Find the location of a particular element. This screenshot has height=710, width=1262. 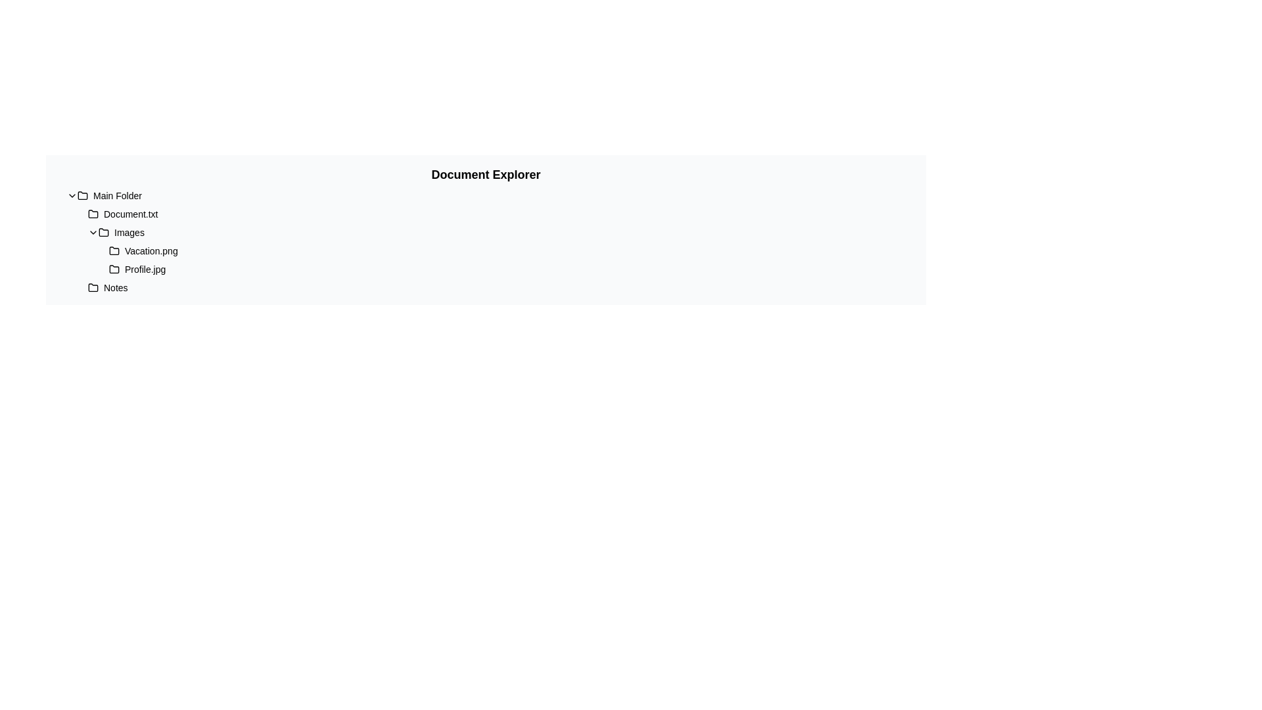

the text label 'Vacation.png' is located at coordinates (151, 250).